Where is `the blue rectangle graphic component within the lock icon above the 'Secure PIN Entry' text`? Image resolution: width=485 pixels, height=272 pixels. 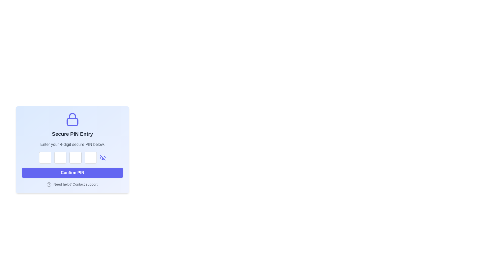
the blue rectangle graphic component within the lock icon above the 'Secure PIN Entry' text is located at coordinates (72, 122).